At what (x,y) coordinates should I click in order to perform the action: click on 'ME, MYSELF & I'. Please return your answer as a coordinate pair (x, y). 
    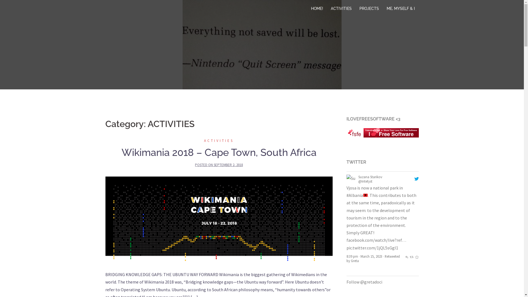
    Looking at the image, I should click on (401, 9).